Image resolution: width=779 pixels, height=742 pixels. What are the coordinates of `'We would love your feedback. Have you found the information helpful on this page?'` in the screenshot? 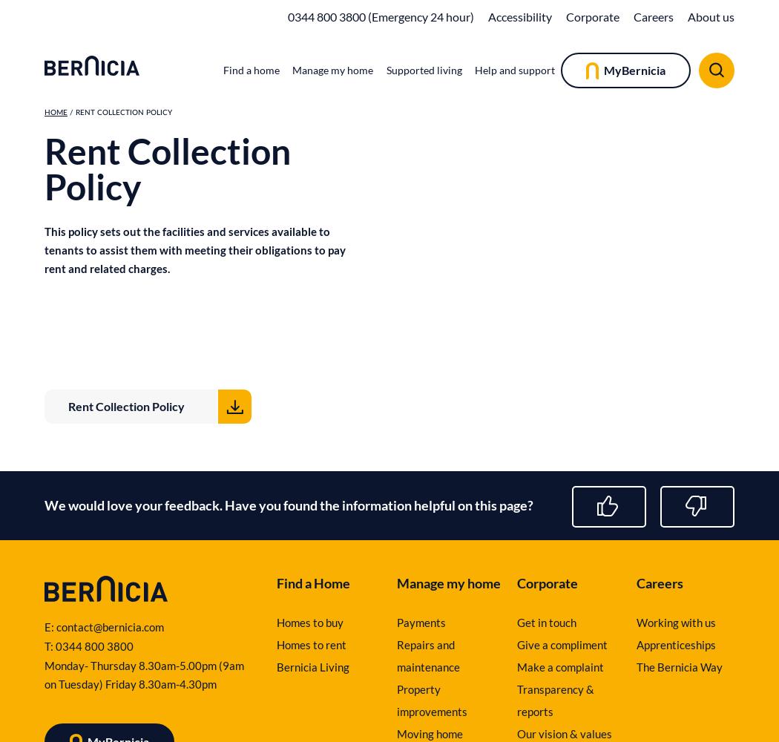 It's located at (289, 505).